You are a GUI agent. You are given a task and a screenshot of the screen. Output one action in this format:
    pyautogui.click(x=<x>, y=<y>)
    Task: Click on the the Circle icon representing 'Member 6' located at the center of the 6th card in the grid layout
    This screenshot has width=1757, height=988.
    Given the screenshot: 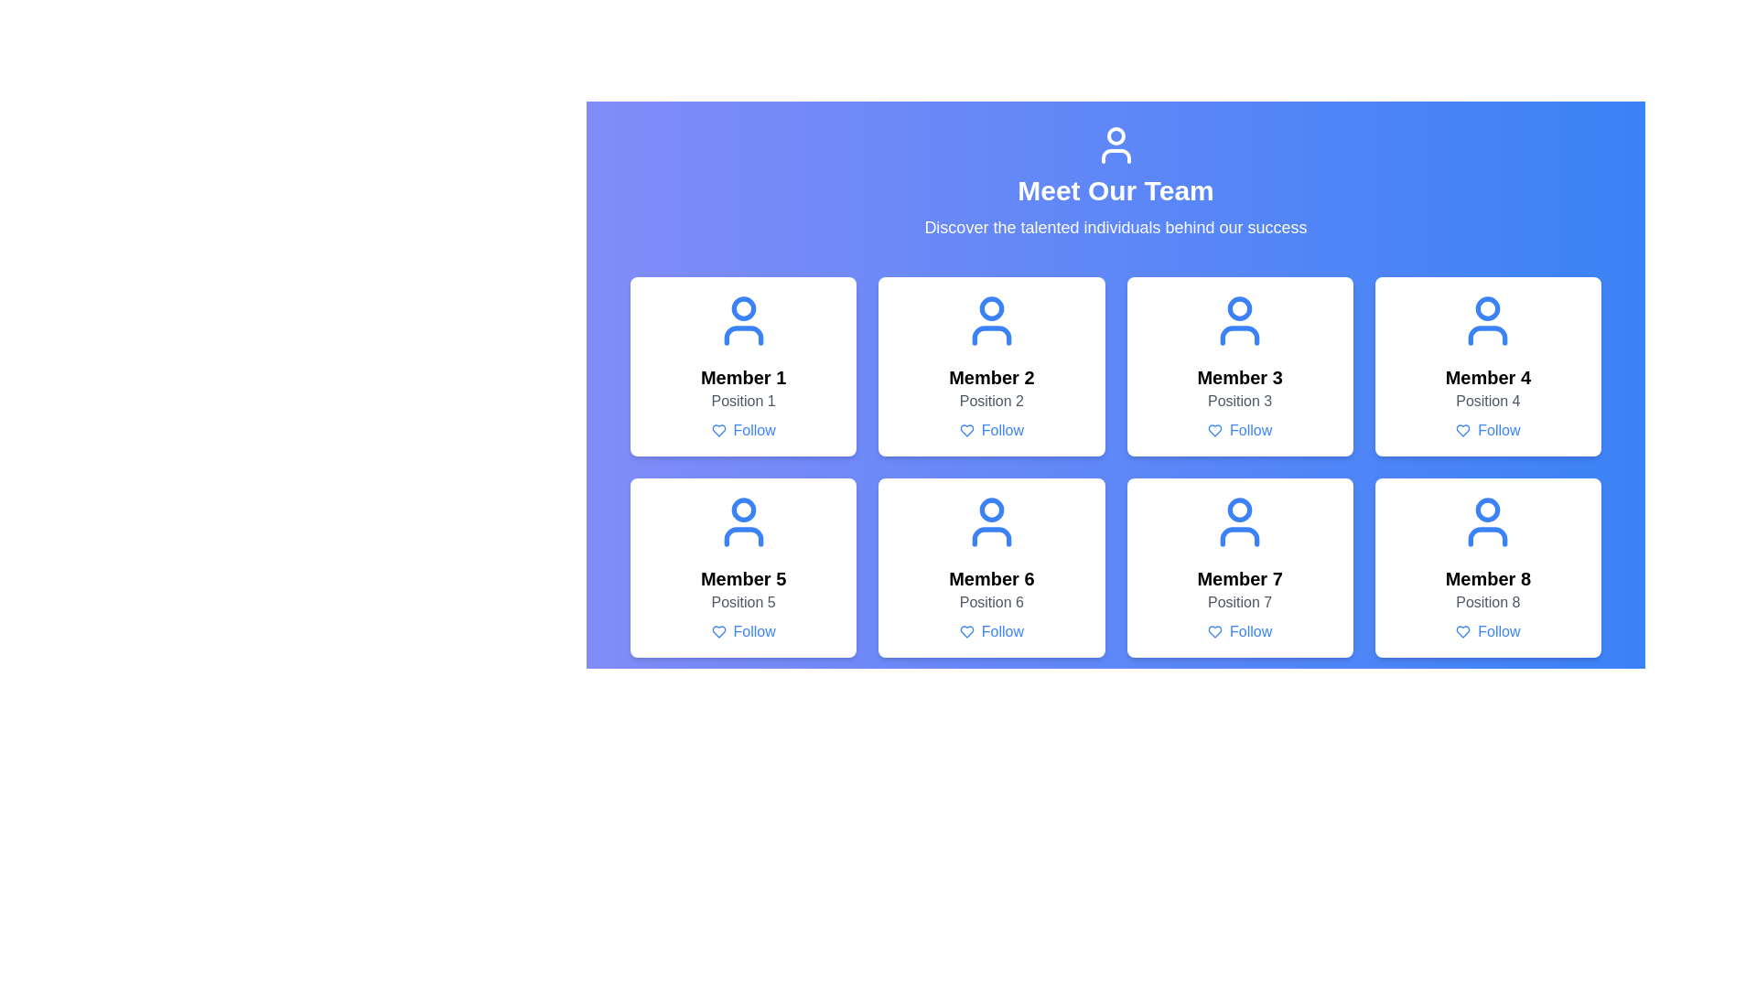 What is the action you would take?
    pyautogui.click(x=990, y=510)
    